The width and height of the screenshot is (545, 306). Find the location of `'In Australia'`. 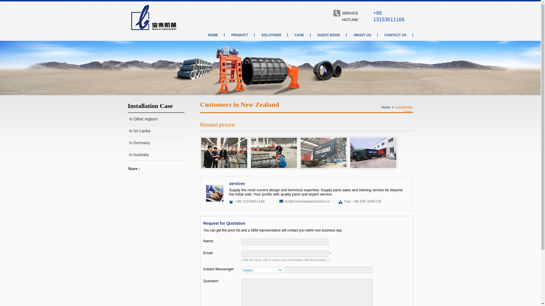

'In Australia' is located at coordinates (127, 155).